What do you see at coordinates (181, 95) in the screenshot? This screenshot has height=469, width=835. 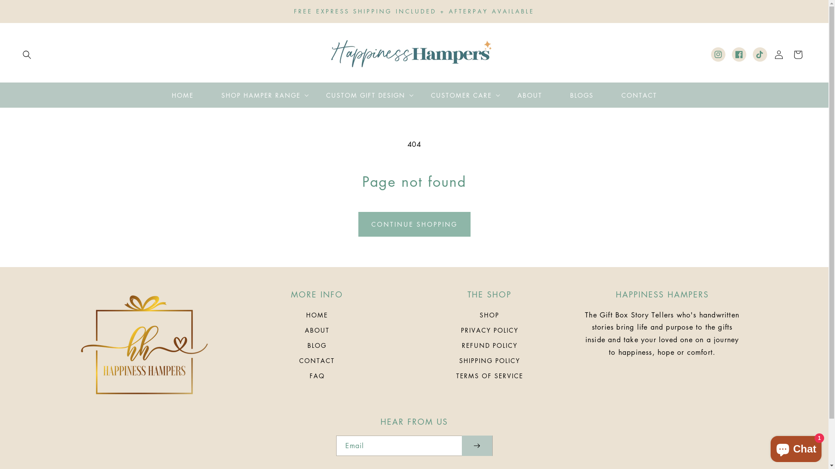 I see `'HOME'` at bounding box center [181, 95].